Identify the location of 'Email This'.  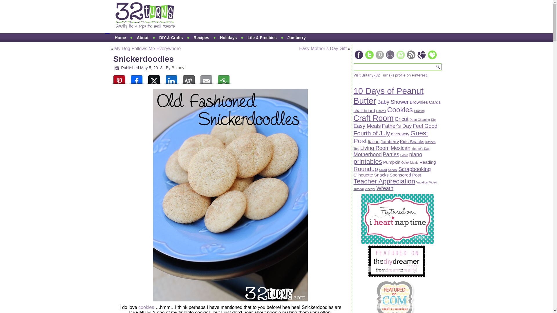
(197, 78).